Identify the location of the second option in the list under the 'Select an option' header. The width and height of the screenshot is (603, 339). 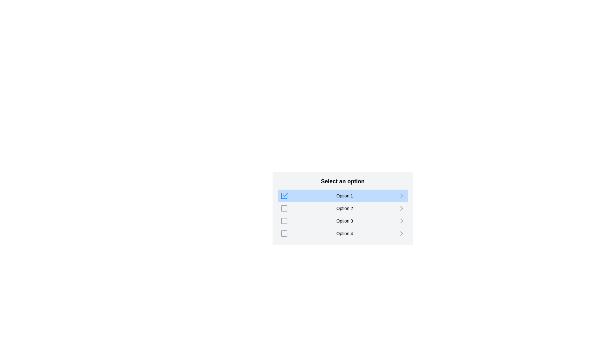
(342, 208).